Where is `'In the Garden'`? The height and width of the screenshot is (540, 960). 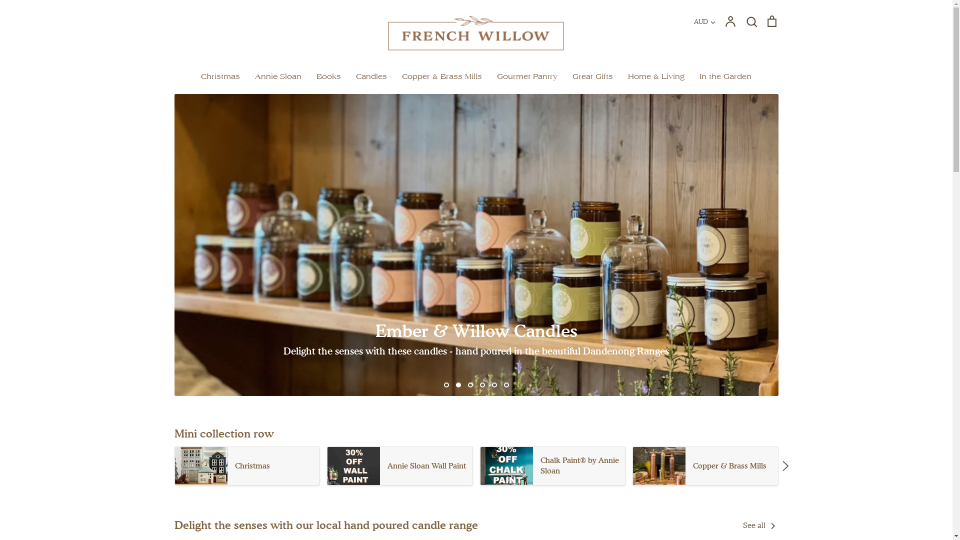
'In the Garden' is located at coordinates (698, 76).